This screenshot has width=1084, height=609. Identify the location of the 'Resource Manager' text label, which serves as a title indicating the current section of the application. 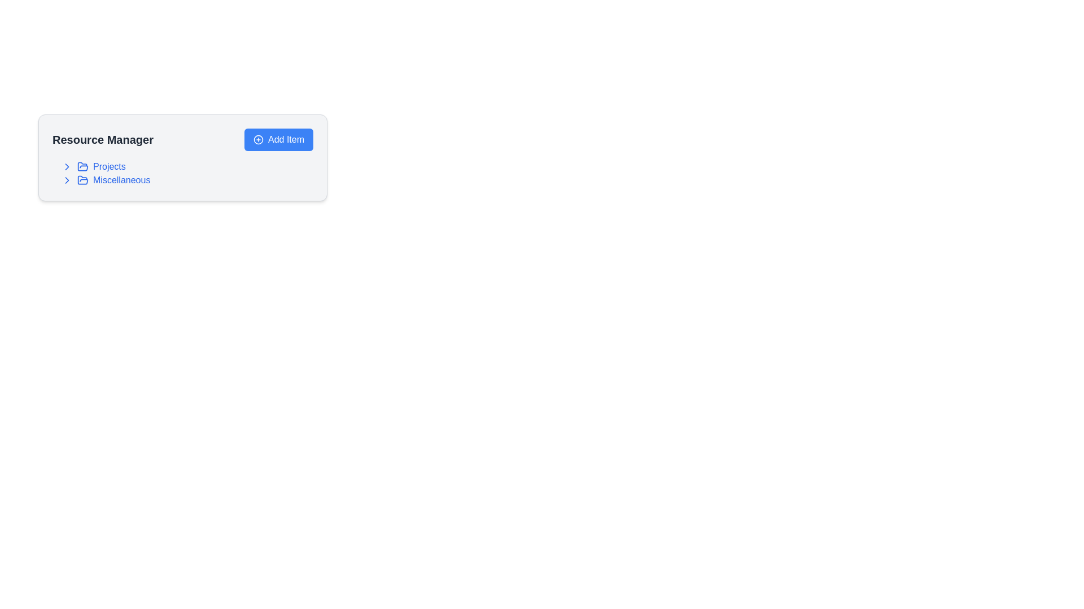
(103, 139).